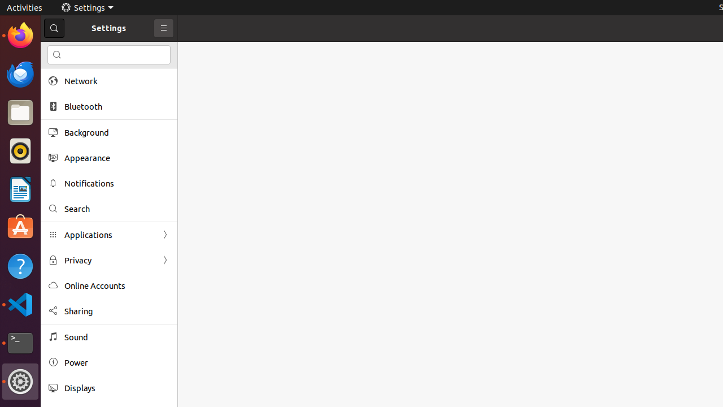 The image size is (723, 407). Describe the element at coordinates (86, 7) in the screenshot. I see `'Settings'` at that location.